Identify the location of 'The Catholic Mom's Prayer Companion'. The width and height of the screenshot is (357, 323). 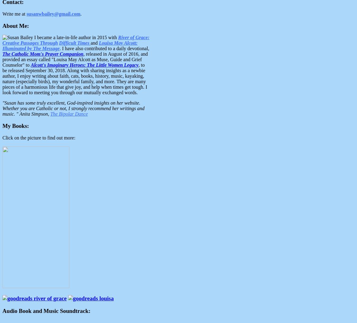
(42, 54).